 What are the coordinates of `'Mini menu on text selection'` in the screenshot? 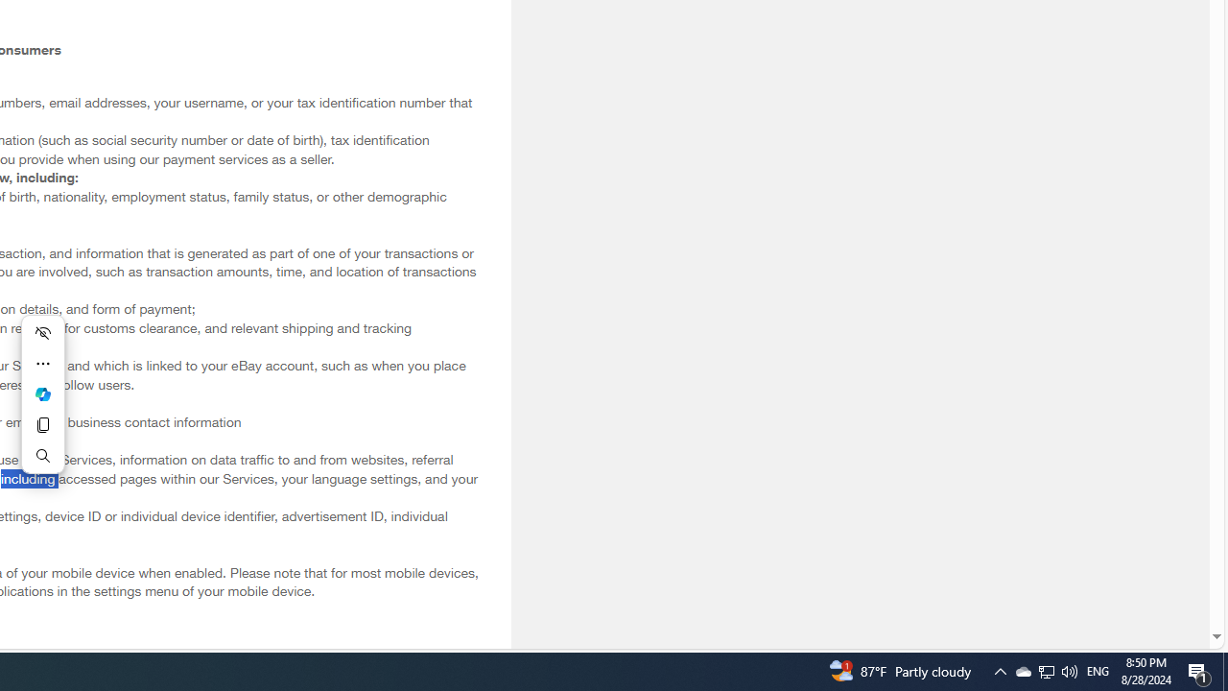 It's located at (42, 393).